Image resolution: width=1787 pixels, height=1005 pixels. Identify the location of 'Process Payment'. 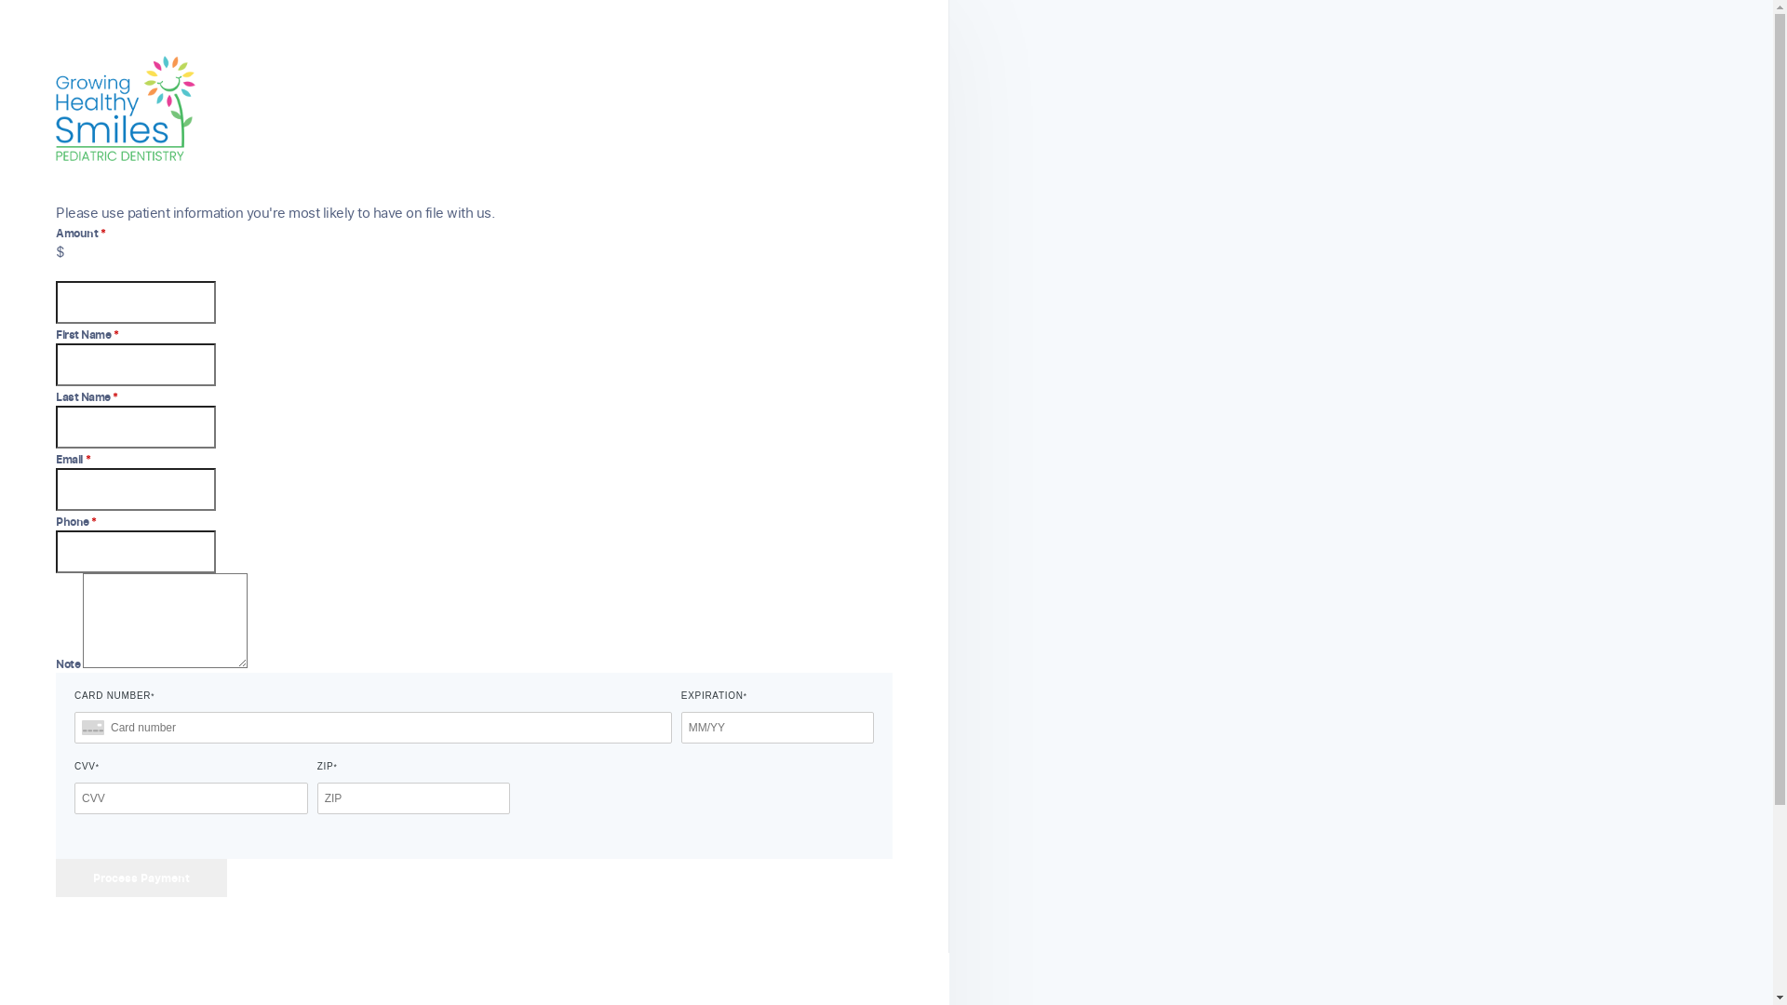
(141, 877).